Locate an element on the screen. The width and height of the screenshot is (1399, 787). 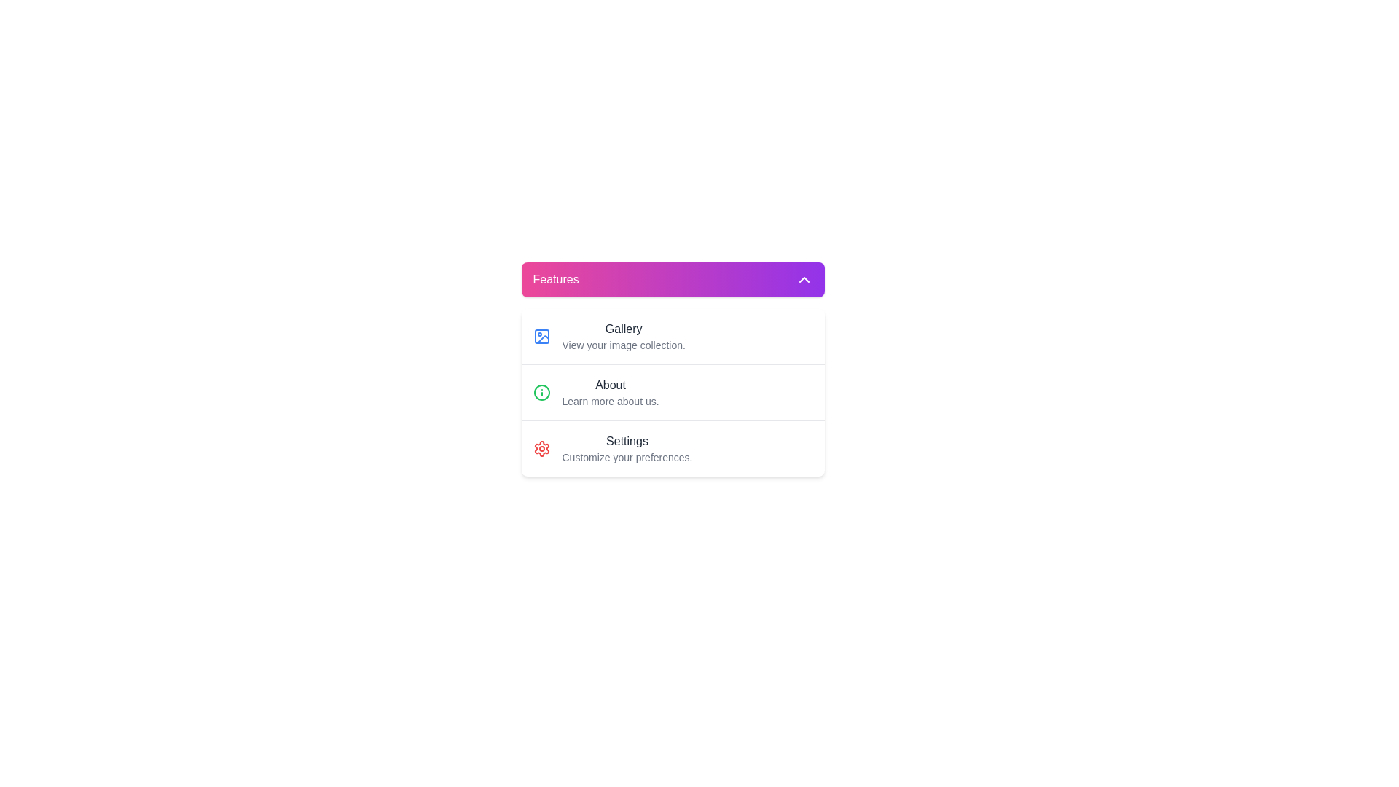
the third list item in the navigation menu, which is intended for accessing the Settings page and contains an embedded icon and text content is located at coordinates (672, 447).